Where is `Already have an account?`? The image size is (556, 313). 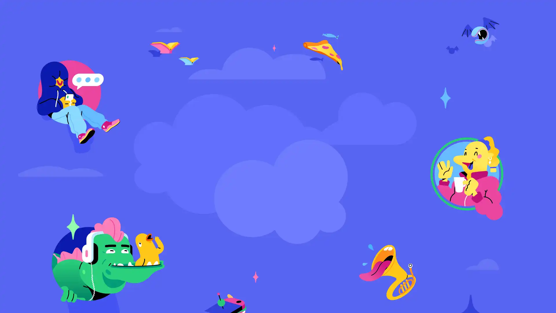
Already have an account? is located at coordinates (240, 202).